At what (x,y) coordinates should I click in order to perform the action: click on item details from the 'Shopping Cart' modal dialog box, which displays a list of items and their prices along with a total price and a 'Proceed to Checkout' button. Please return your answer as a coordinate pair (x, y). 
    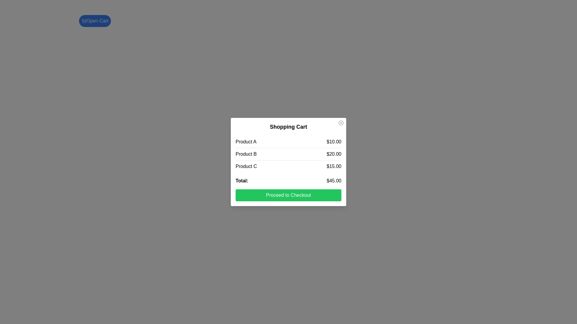
    Looking at the image, I should click on (288, 162).